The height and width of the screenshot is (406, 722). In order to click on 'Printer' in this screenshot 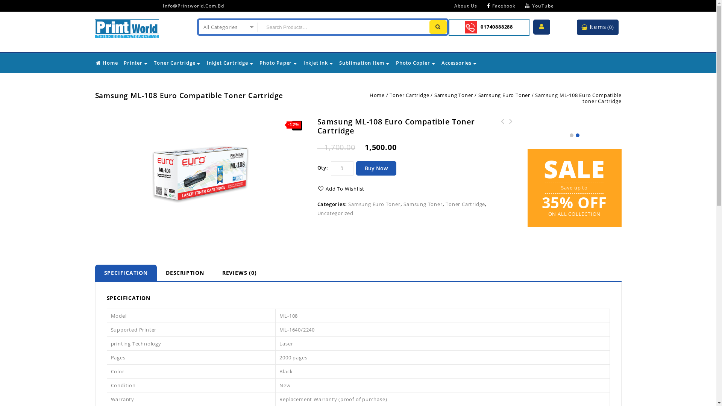, I will do `click(123, 62)`.